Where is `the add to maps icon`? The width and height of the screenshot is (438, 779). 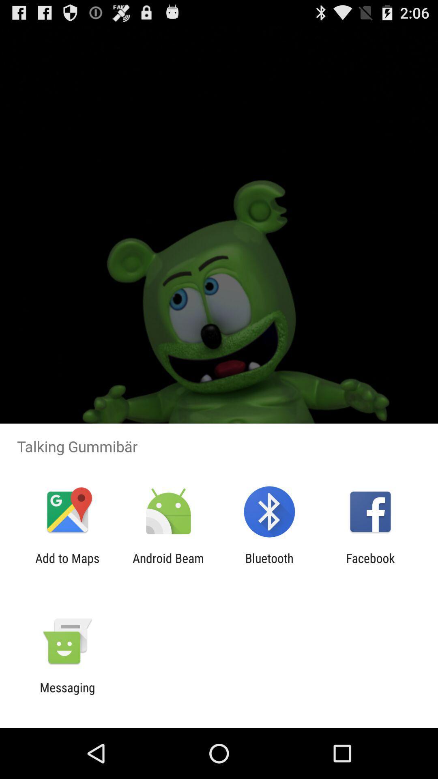
the add to maps icon is located at coordinates (67, 565).